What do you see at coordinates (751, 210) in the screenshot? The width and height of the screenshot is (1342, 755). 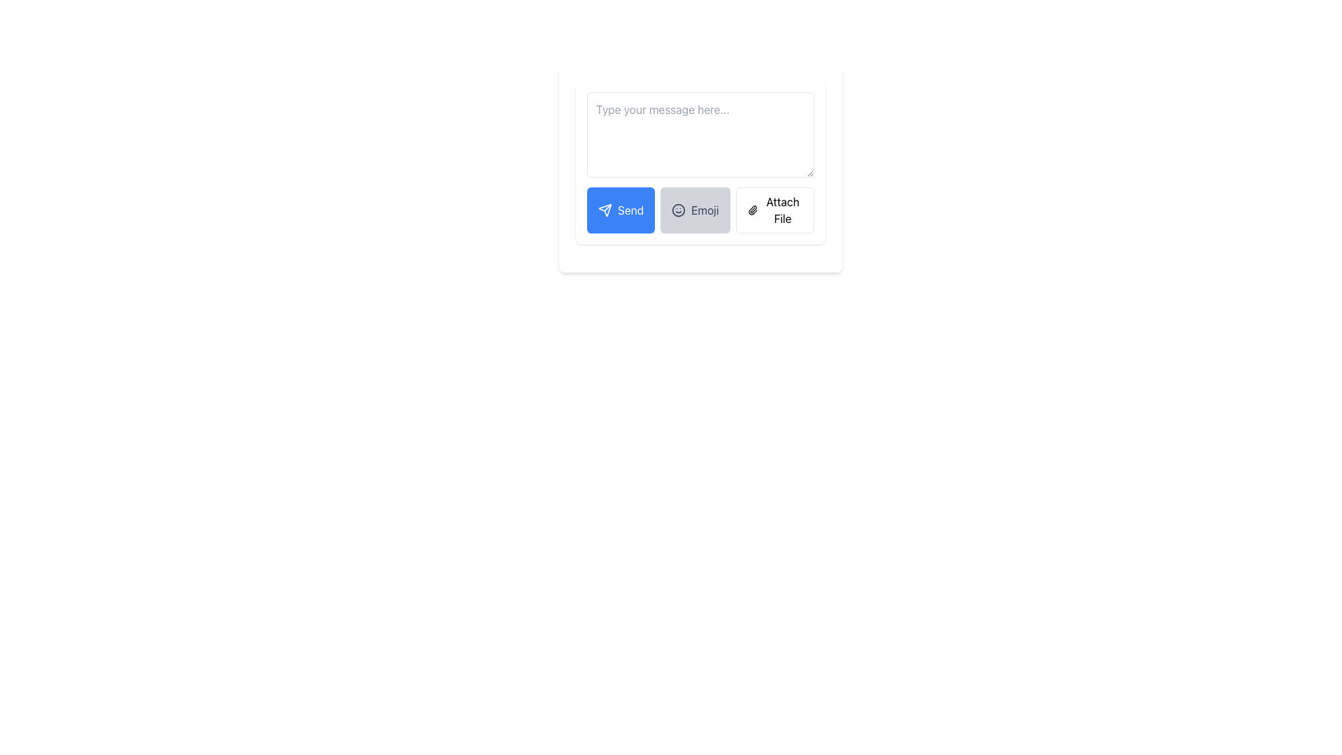 I see `the icon located to the left of the 'Attach File' label within the button on the right side of the button group in the messaging interface to initiate file attachment` at bounding box center [751, 210].